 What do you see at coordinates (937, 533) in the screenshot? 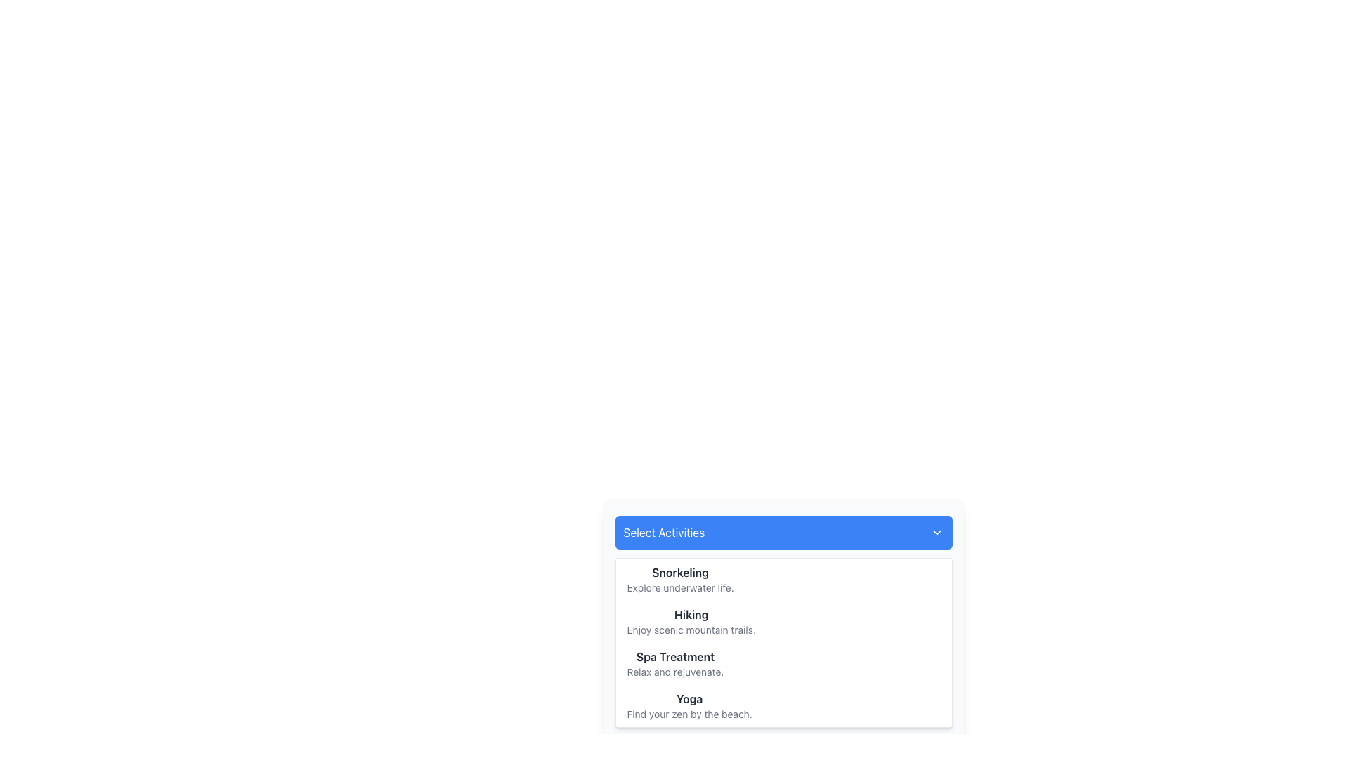
I see `the downward-pointing chevron icon on the right side of the 'Select Activities' blue bar` at bounding box center [937, 533].